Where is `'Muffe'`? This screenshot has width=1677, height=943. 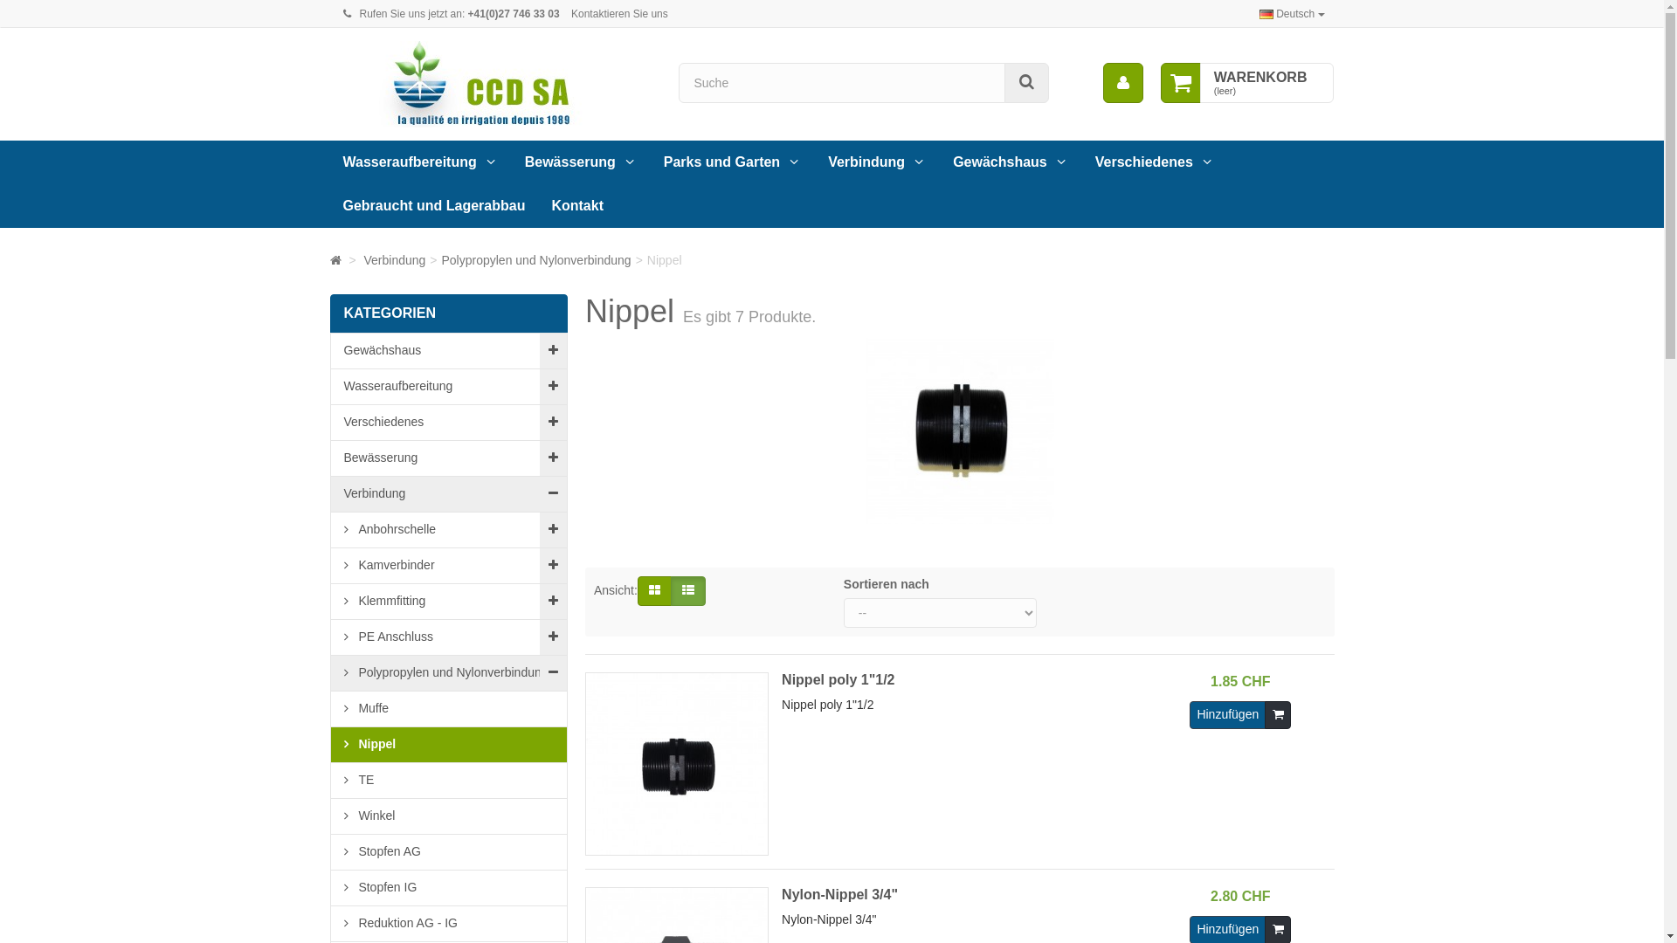 'Muffe' is located at coordinates (448, 708).